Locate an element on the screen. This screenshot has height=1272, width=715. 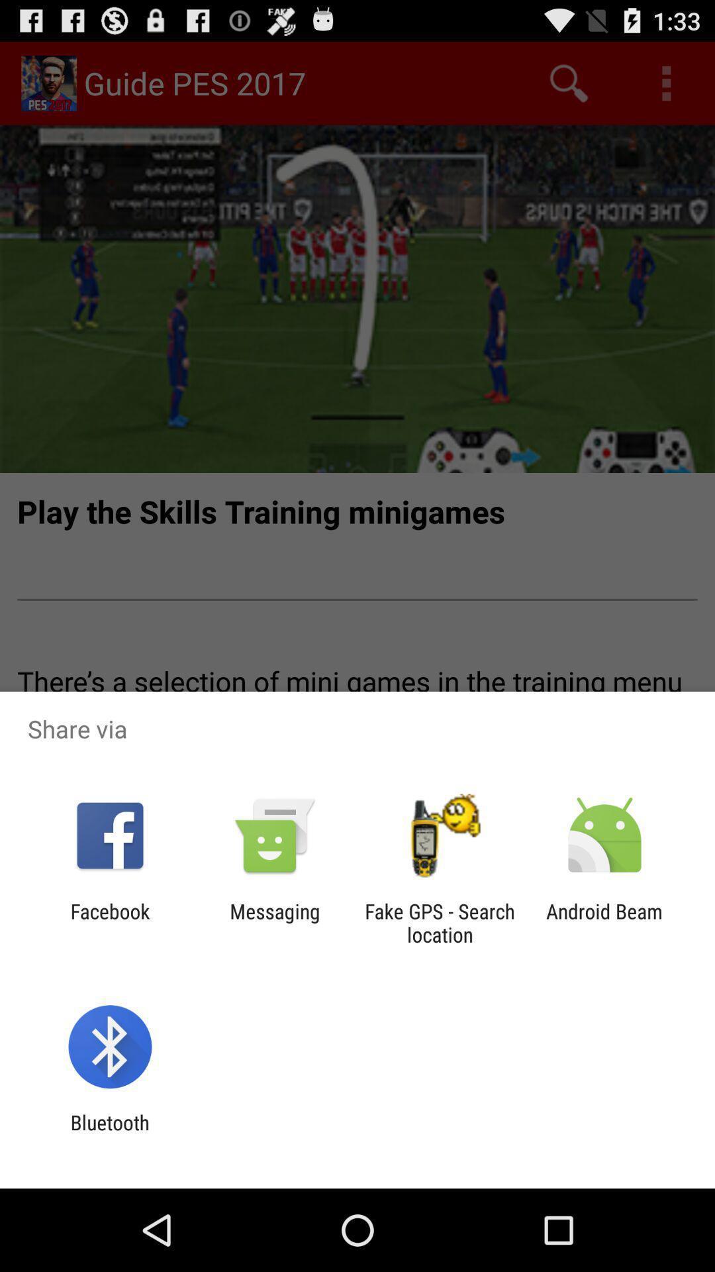
the item next to android beam item is located at coordinates (440, 922).